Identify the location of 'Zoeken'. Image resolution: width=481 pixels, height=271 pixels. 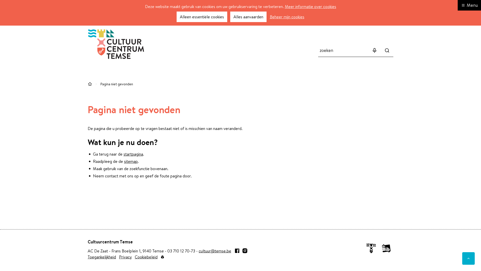
(387, 50).